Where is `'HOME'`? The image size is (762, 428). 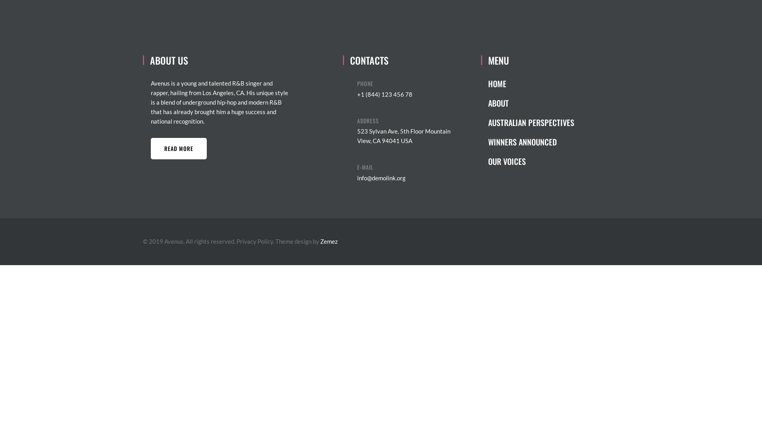
'HOME' is located at coordinates (531, 87).